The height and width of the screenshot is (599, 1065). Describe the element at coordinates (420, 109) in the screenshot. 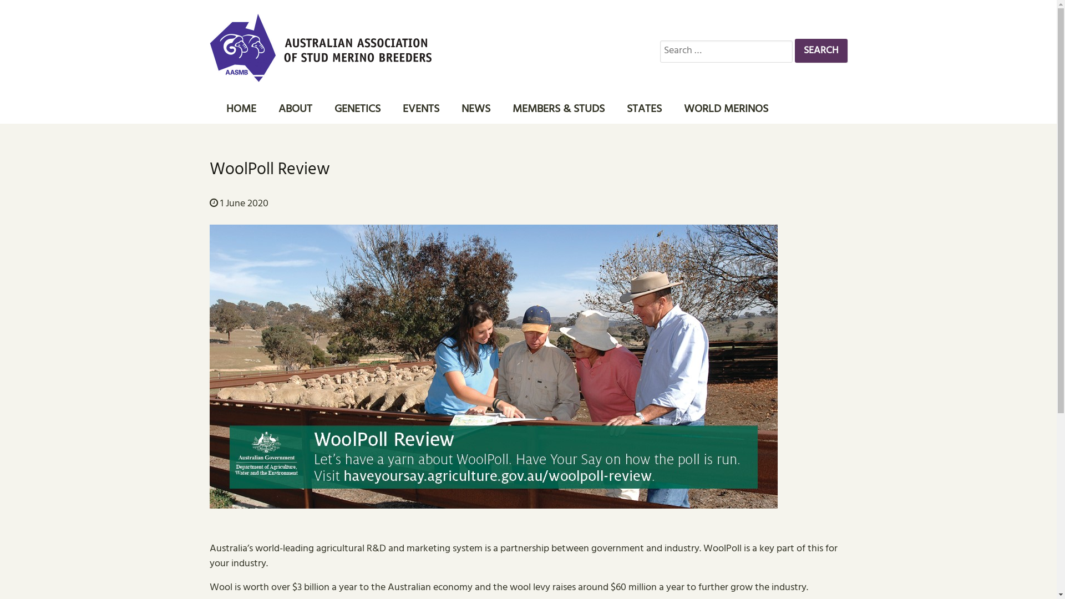

I see `'EVENTS'` at that location.